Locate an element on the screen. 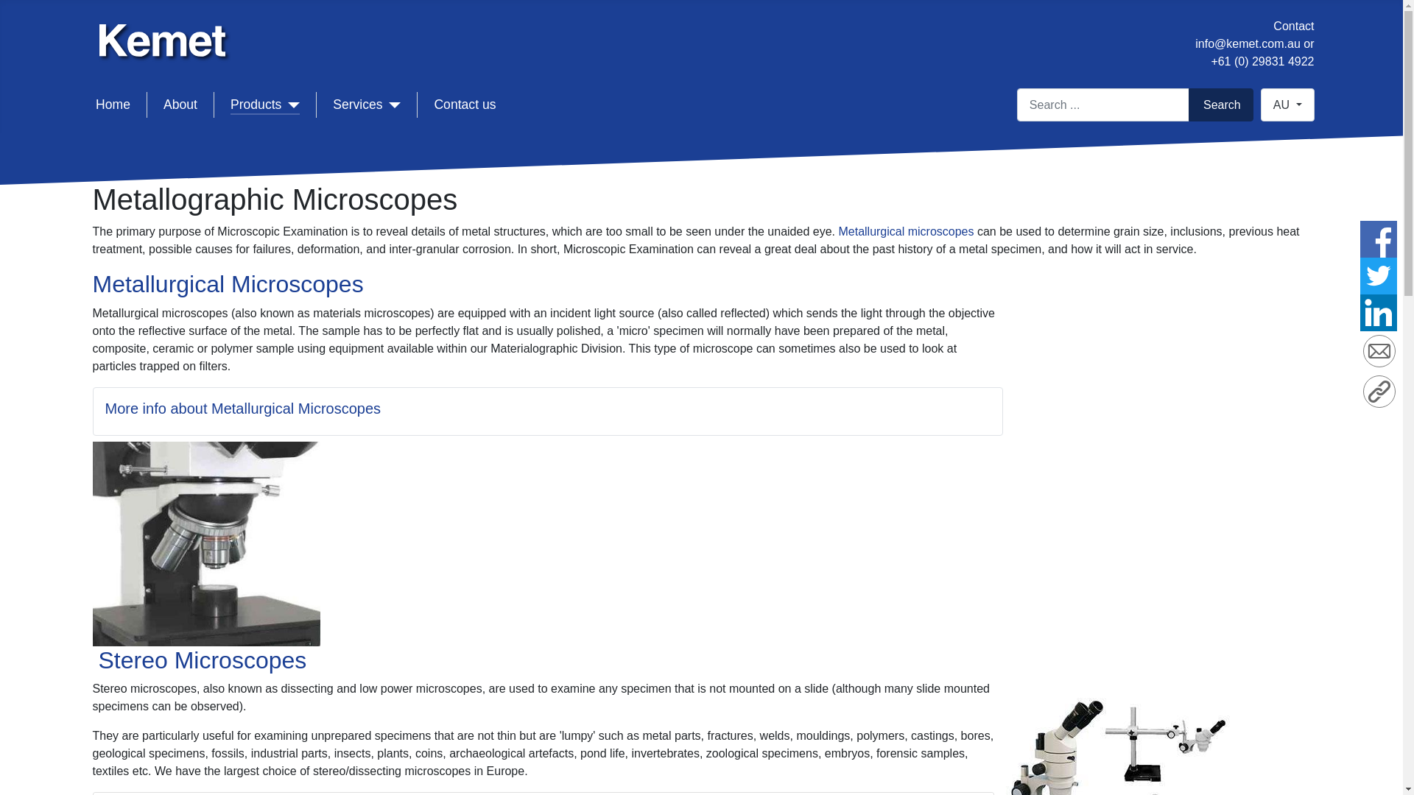 The width and height of the screenshot is (1414, 795). 'info@kemet.com.au' is located at coordinates (1195, 43).